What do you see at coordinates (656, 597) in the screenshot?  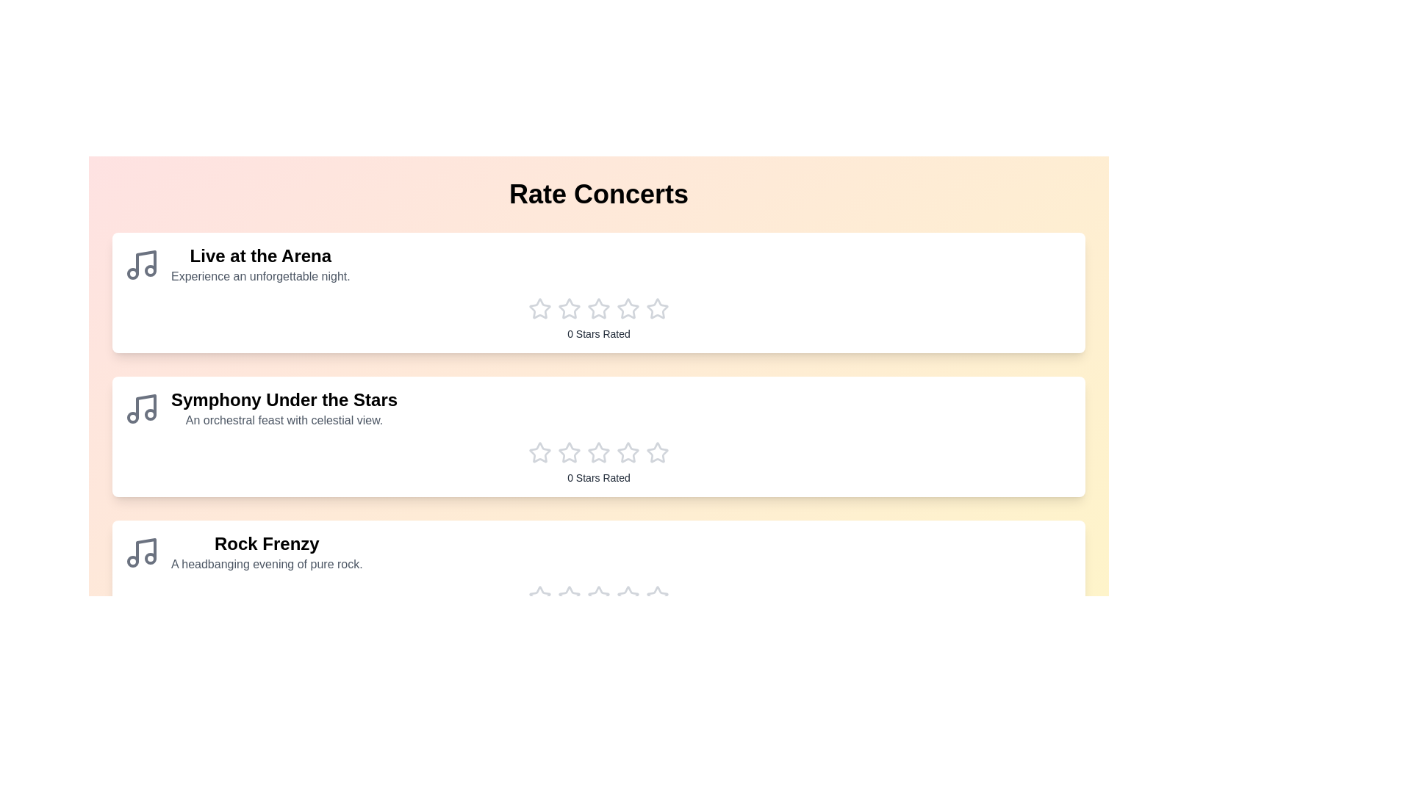 I see `the star corresponding to the rating 5 for the concert Rock Frenzy` at bounding box center [656, 597].